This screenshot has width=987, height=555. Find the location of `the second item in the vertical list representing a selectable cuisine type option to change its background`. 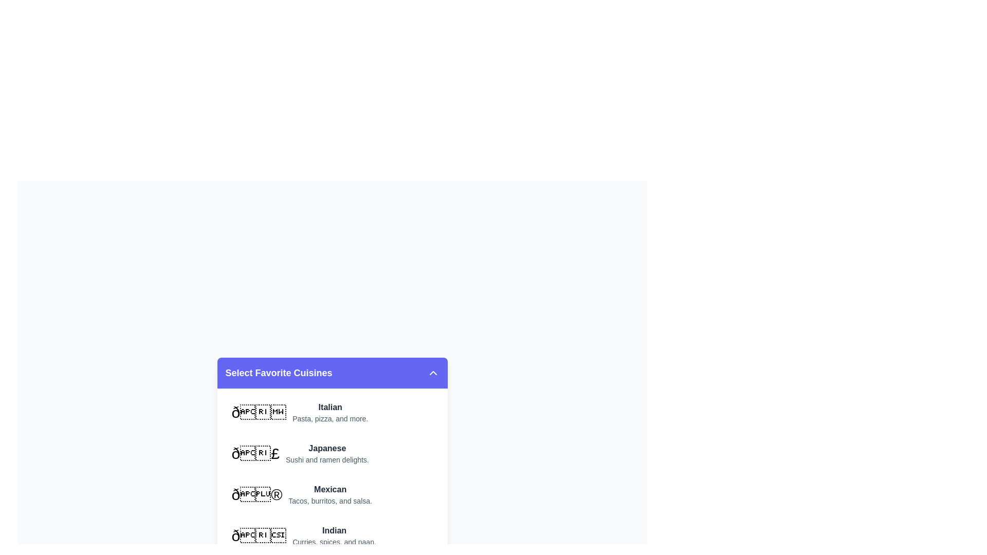

the second item in the vertical list representing a selectable cuisine type option to change its background is located at coordinates (332, 453).